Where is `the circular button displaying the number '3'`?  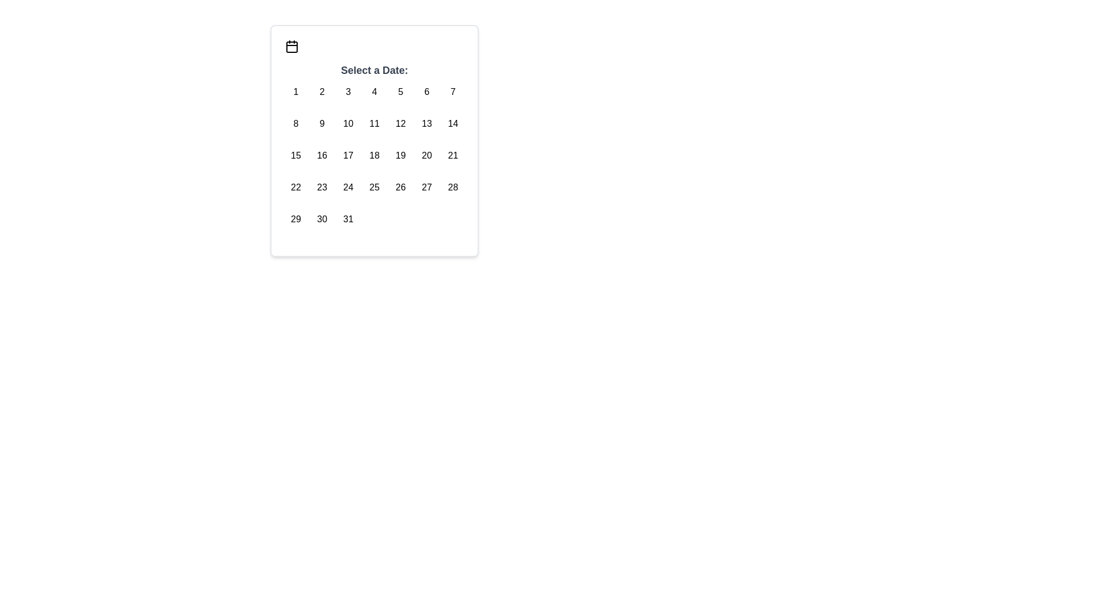 the circular button displaying the number '3' is located at coordinates (347, 92).